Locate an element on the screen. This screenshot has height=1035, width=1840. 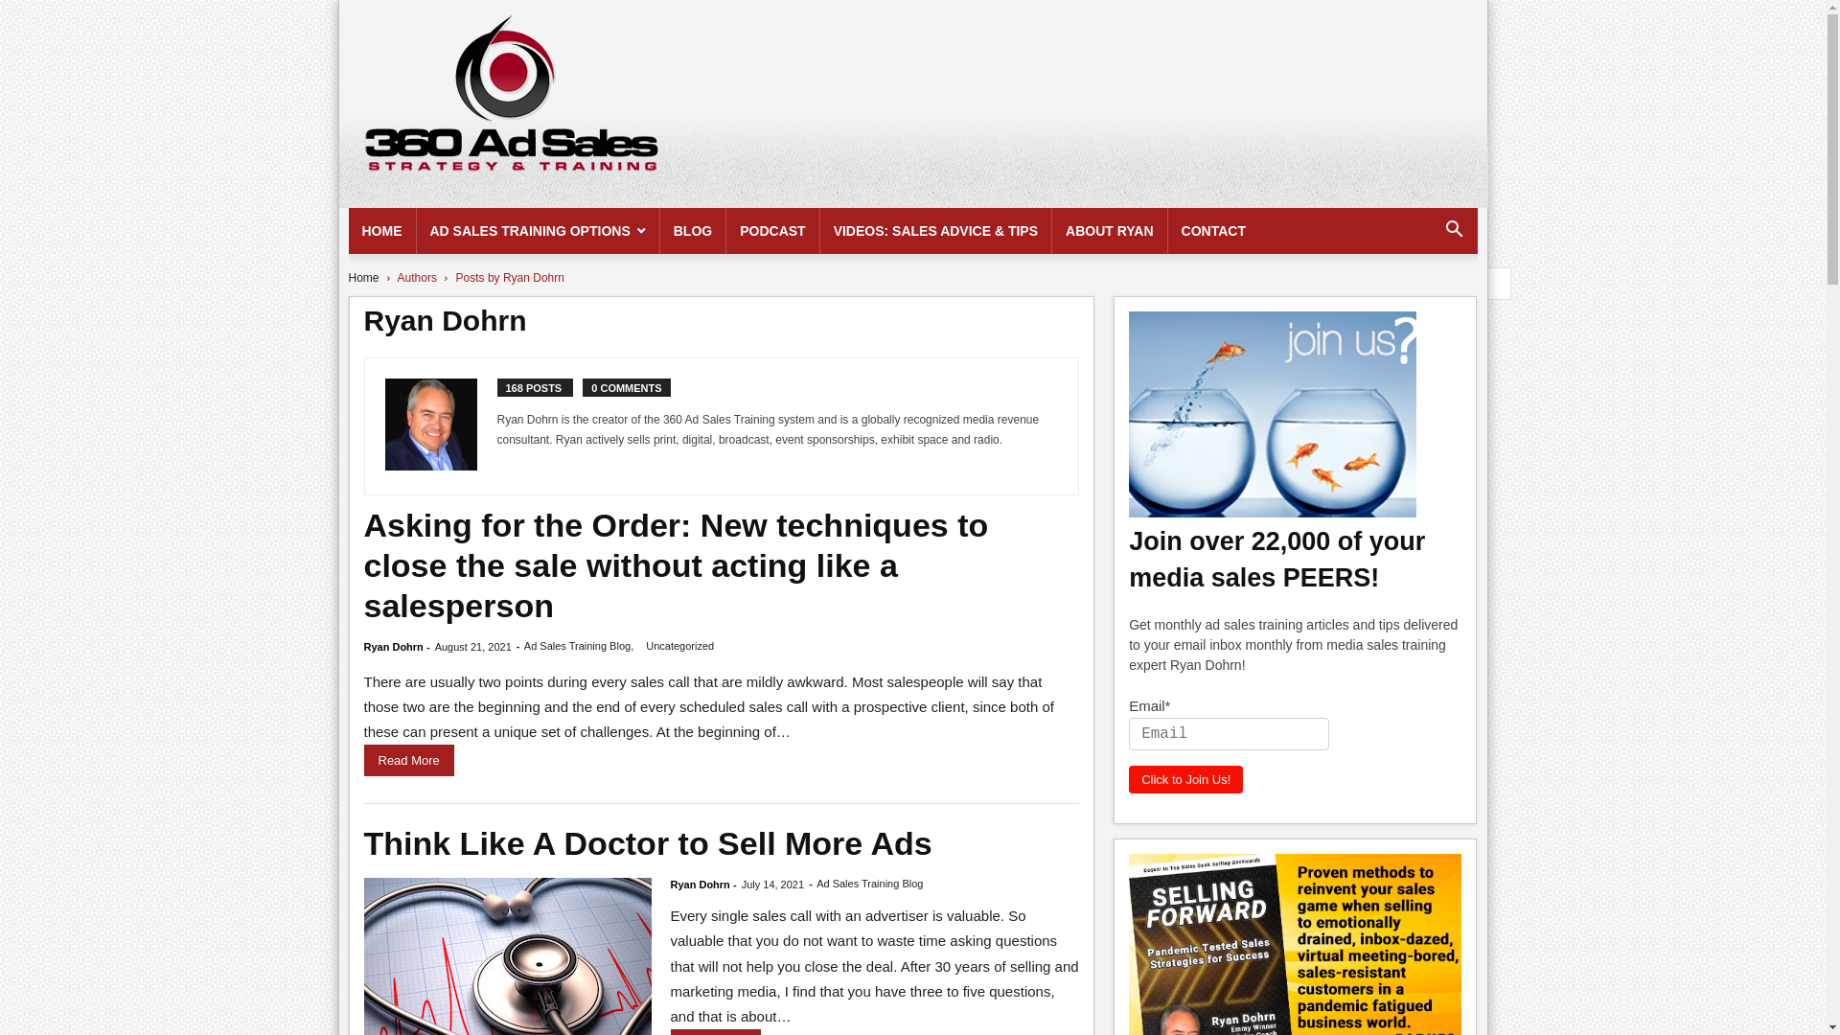
'PODCAST' is located at coordinates (725, 229).